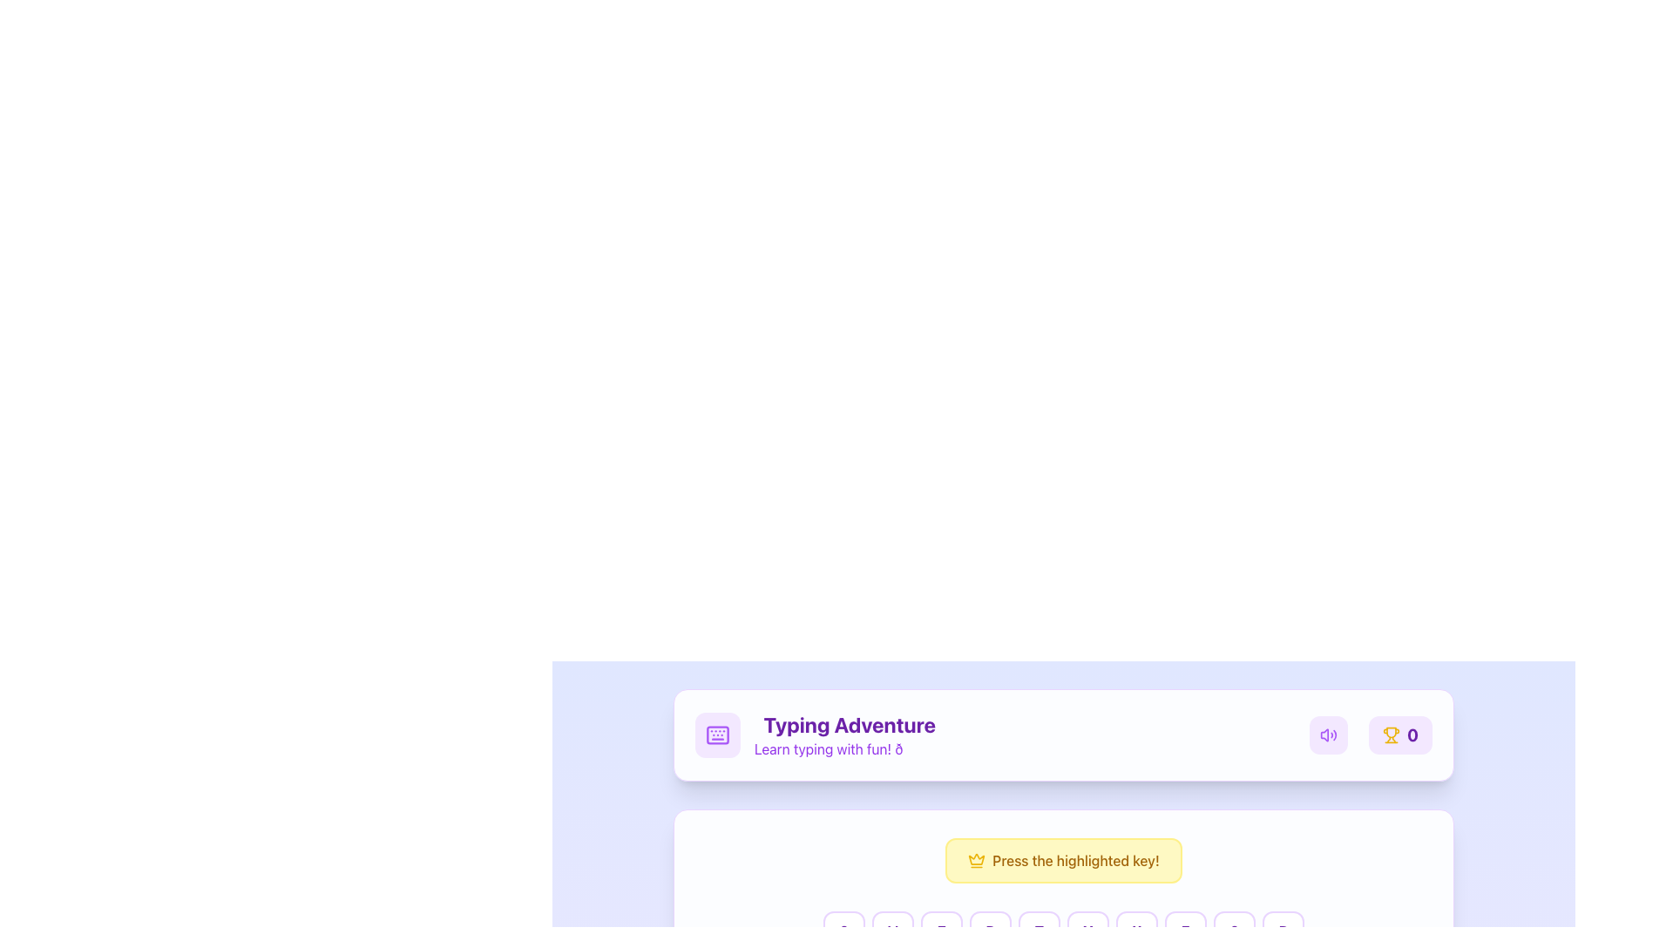 The height and width of the screenshot is (941, 1673). I want to click on the graphical rectangle representing a key in the SVG keyboard icon located to the left of the 'Typing Adventure' text box, so click(718, 735).